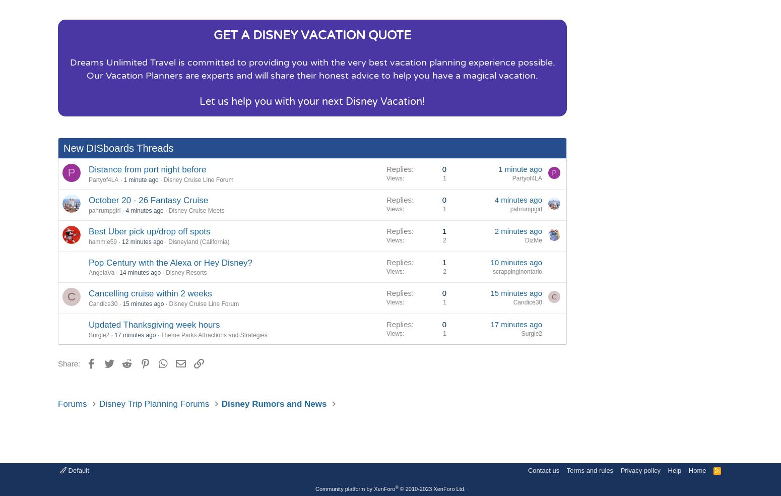 The image size is (781, 496). What do you see at coordinates (58, 363) in the screenshot?
I see `'Share:'` at bounding box center [58, 363].